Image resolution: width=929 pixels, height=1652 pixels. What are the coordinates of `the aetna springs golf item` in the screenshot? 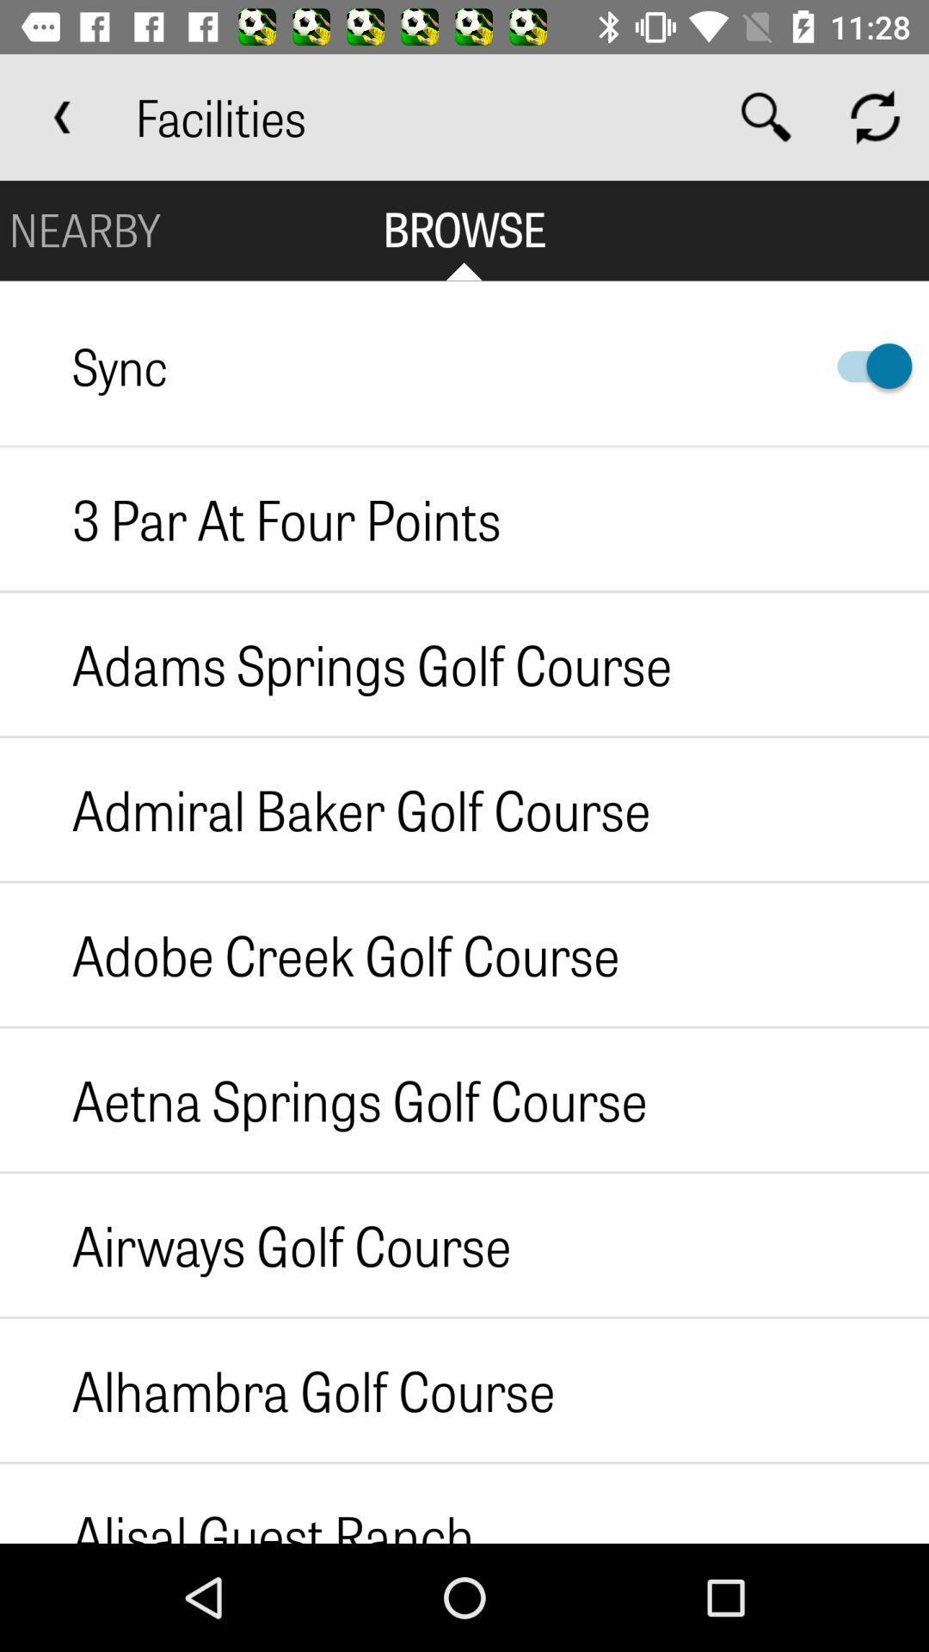 It's located at (323, 1099).